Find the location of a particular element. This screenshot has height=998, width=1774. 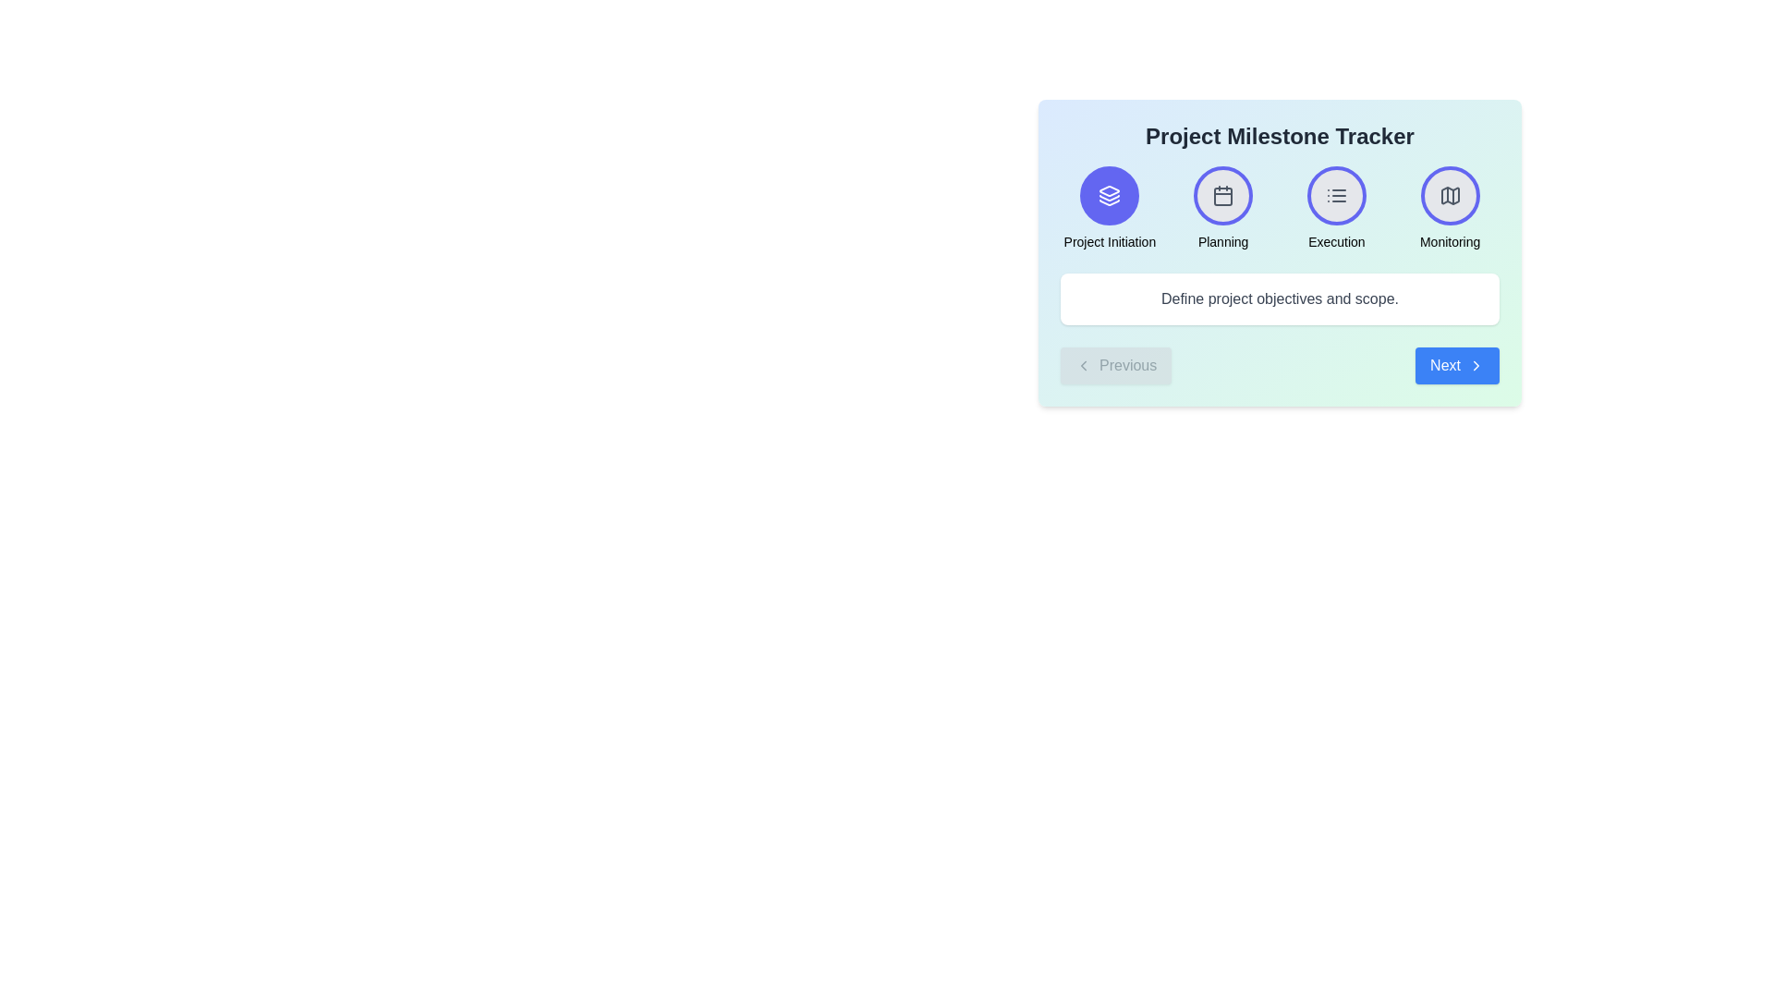

the icon representing the 'Planning' stage, which is the second circular icon from the left in a row of four icons is located at coordinates (1223, 196).